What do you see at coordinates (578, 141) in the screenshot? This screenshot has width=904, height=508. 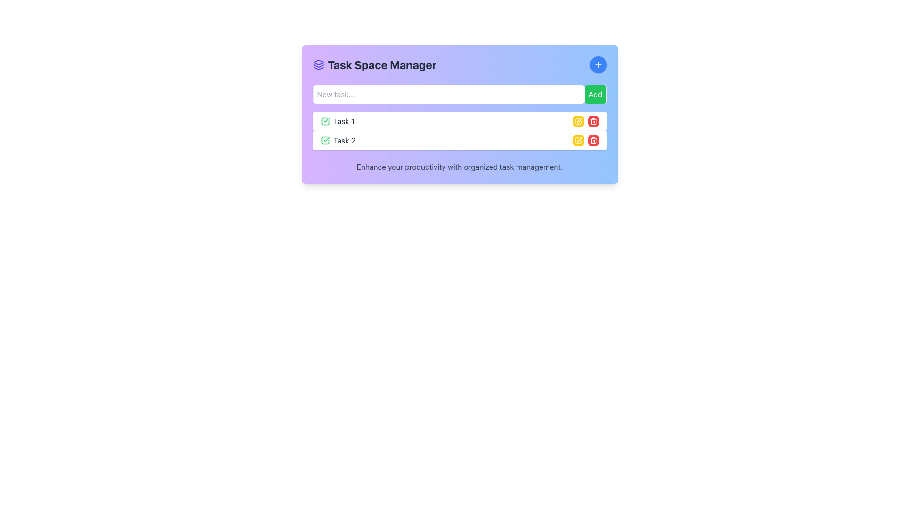 I see `the small rectangular button with a yellow background and a pen icon` at bounding box center [578, 141].